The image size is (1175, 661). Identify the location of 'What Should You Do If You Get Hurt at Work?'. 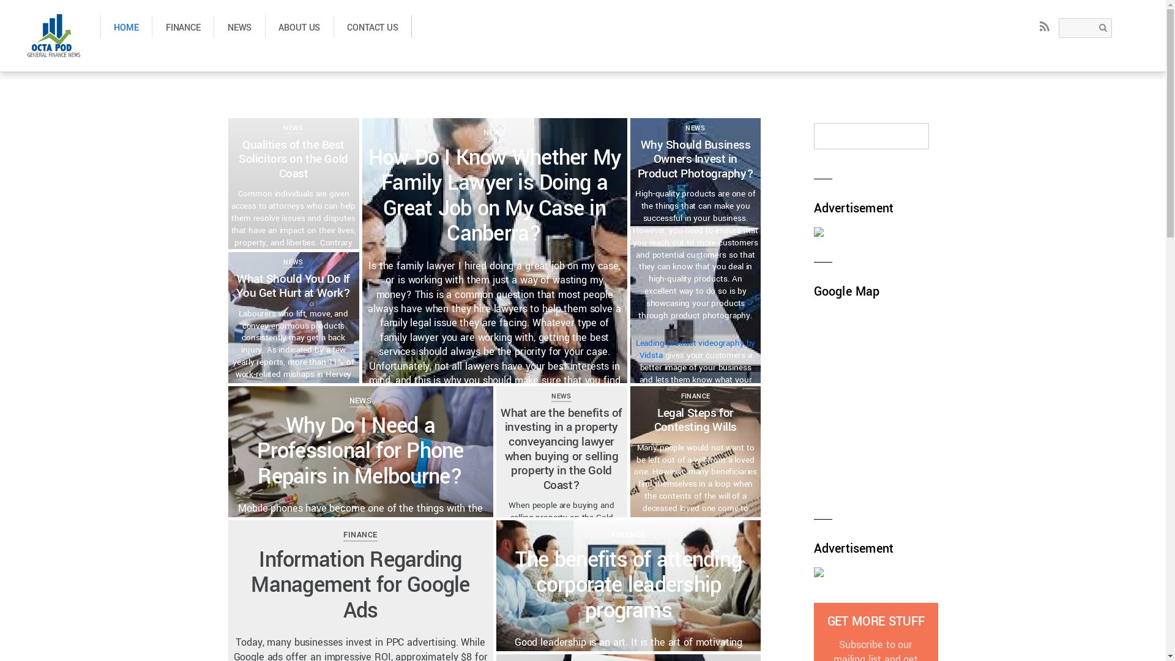
(293, 286).